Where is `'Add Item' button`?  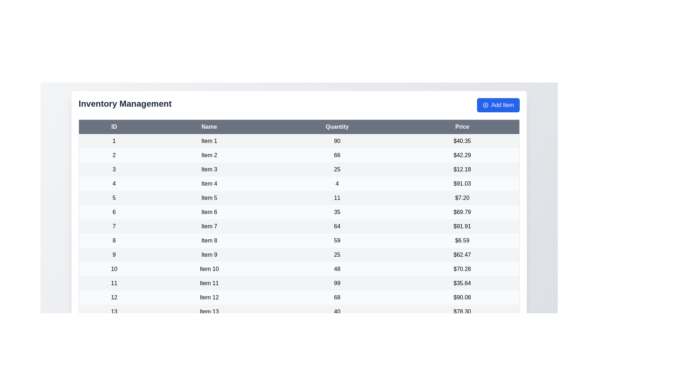
'Add Item' button is located at coordinates (498, 105).